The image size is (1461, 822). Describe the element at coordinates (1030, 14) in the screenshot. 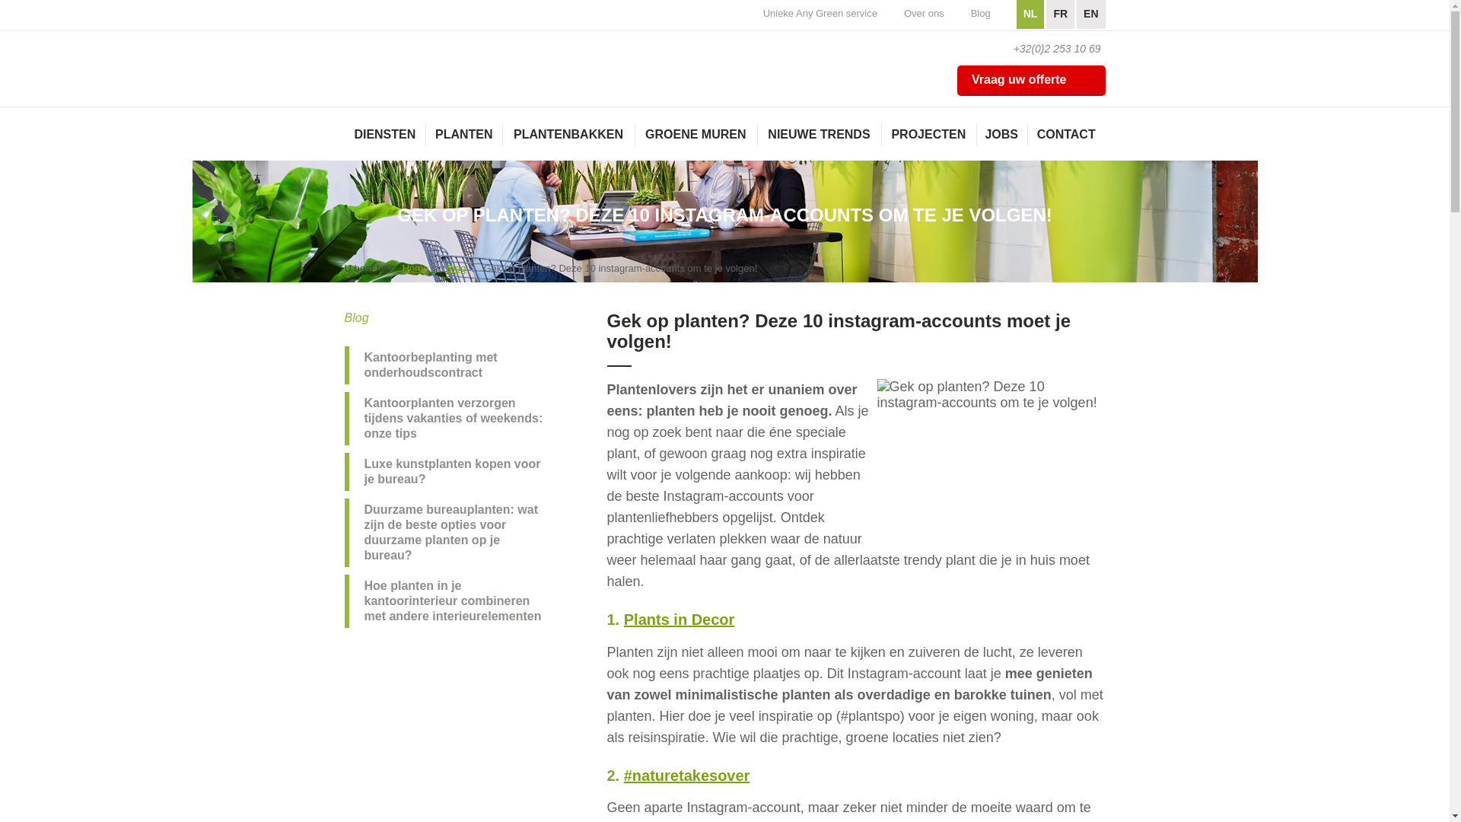

I see `'NL'` at that location.